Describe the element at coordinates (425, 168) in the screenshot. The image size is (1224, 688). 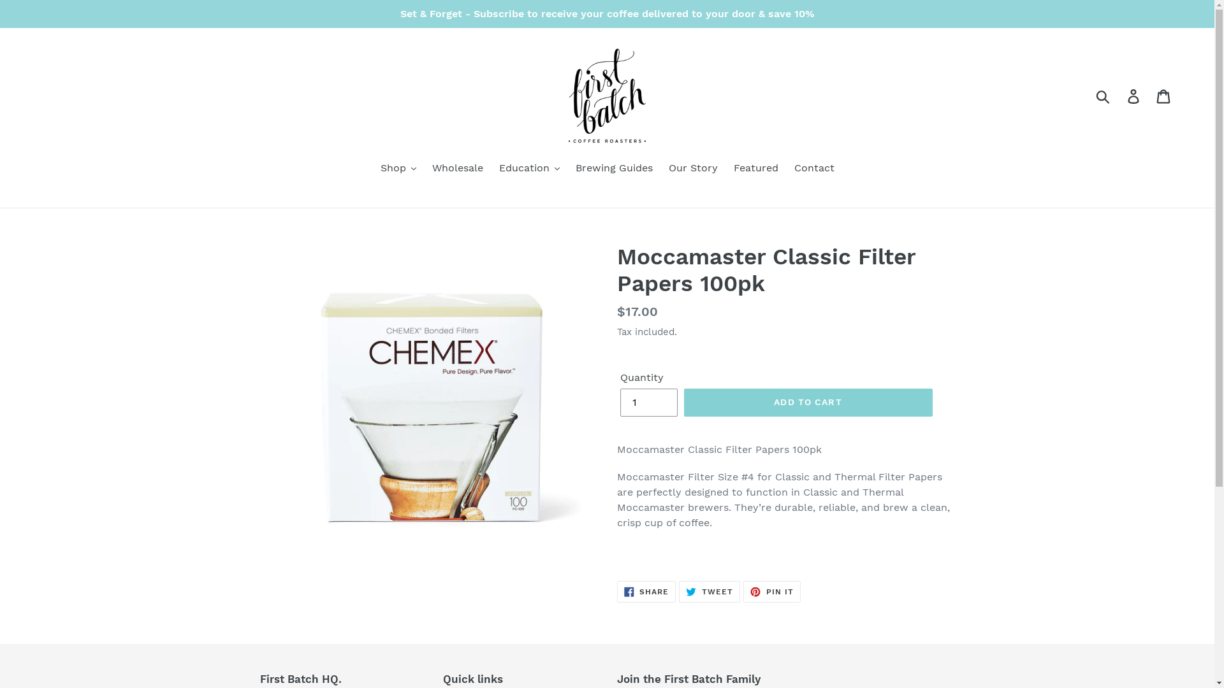
I see `'Wholesale'` at that location.